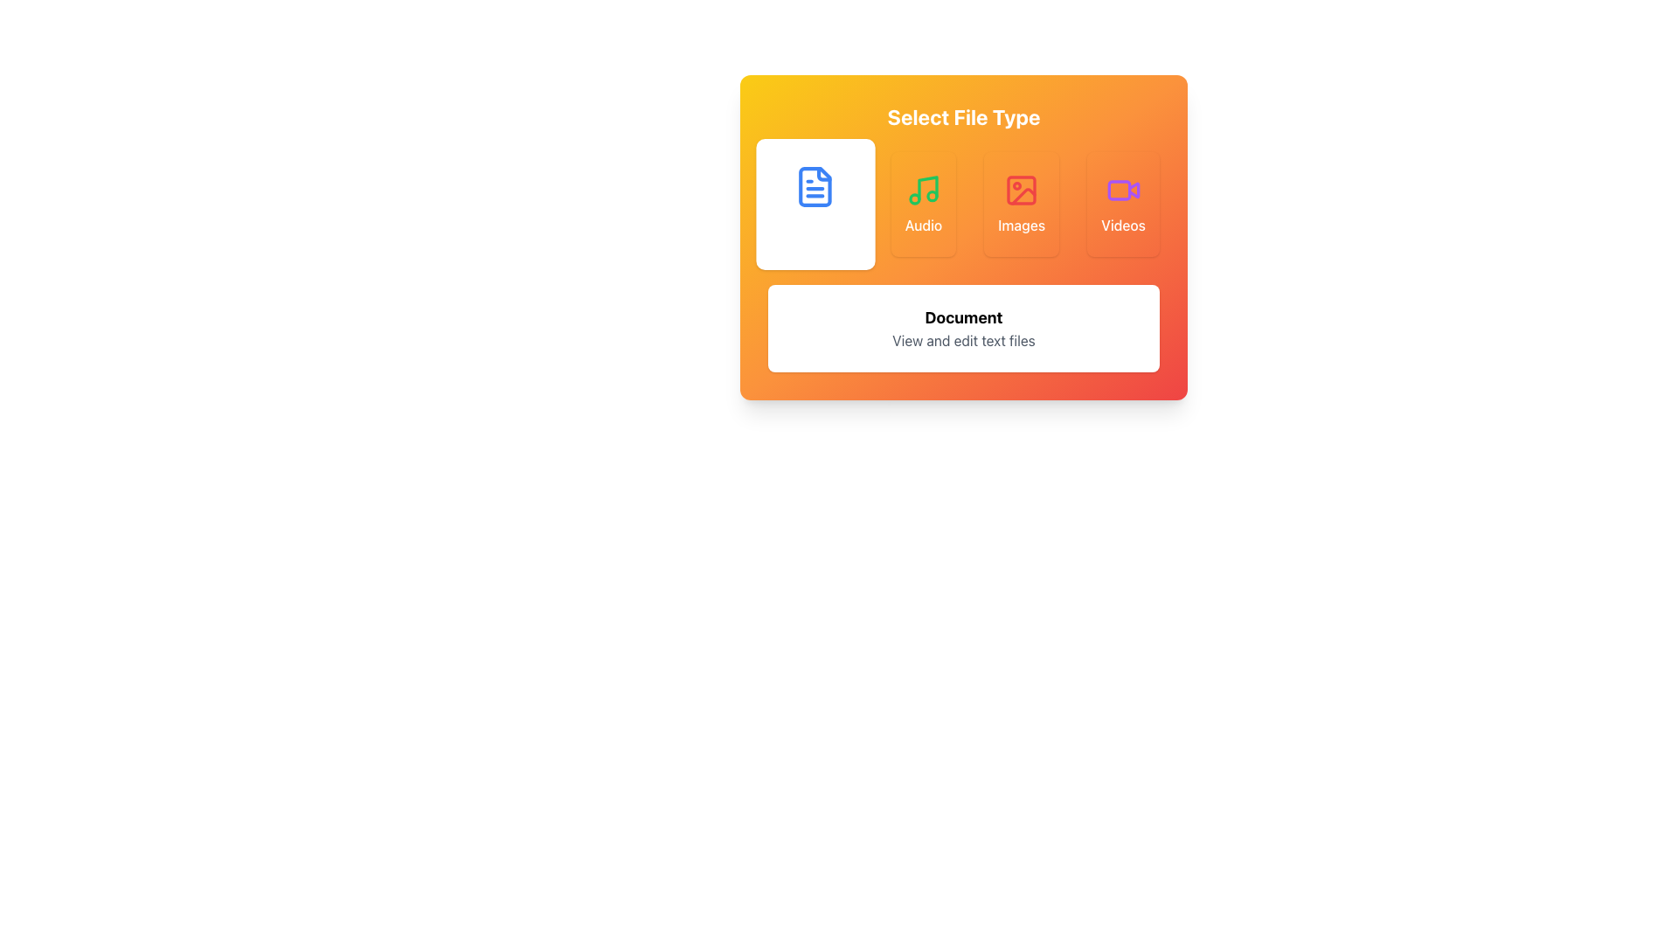 This screenshot has width=1678, height=944. Describe the element at coordinates (963, 317) in the screenshot. I see `the bold text label displaying 'Document', which is prominently positioned above the description text 'View and edit text files'` at that location.